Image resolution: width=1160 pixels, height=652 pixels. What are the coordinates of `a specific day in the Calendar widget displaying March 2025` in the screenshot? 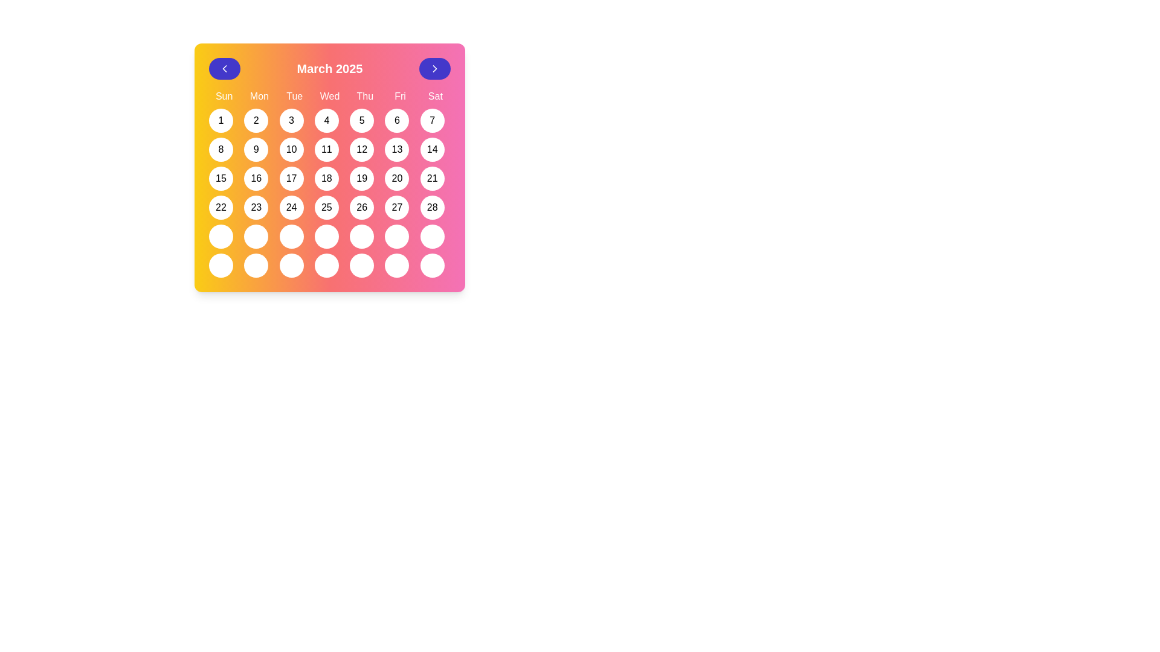 It's located at (330, 167).